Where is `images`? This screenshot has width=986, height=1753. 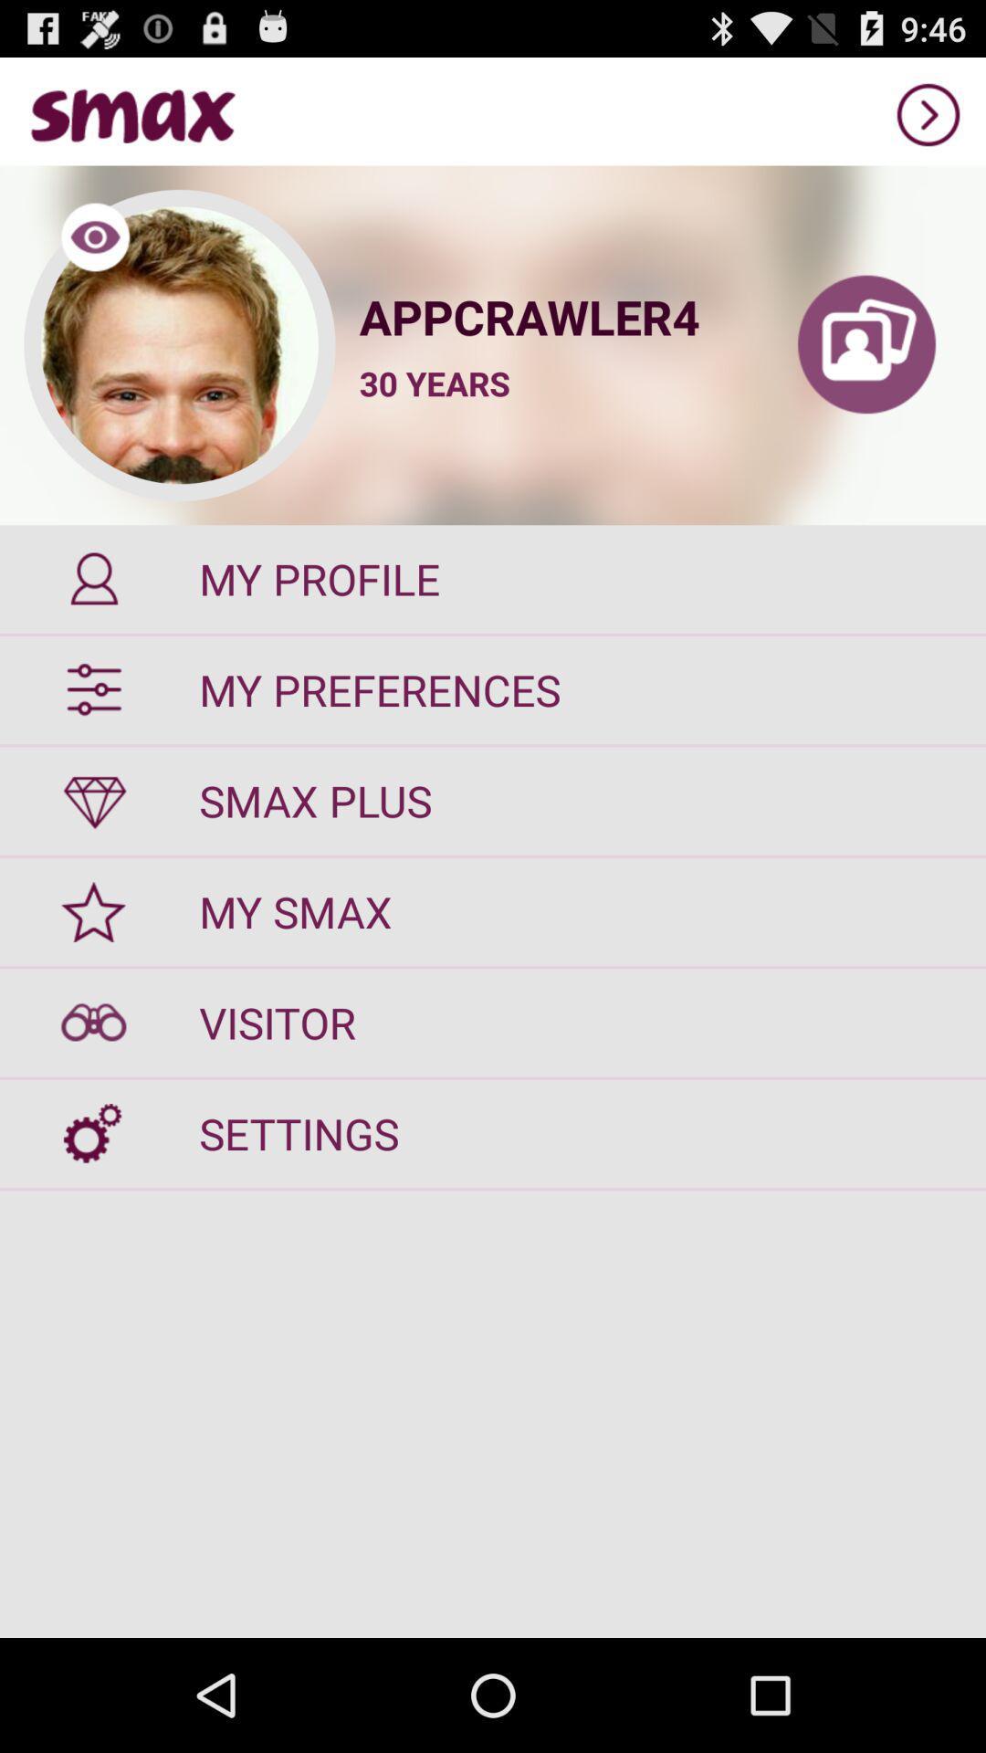
images is located at coordinates (865, 345).